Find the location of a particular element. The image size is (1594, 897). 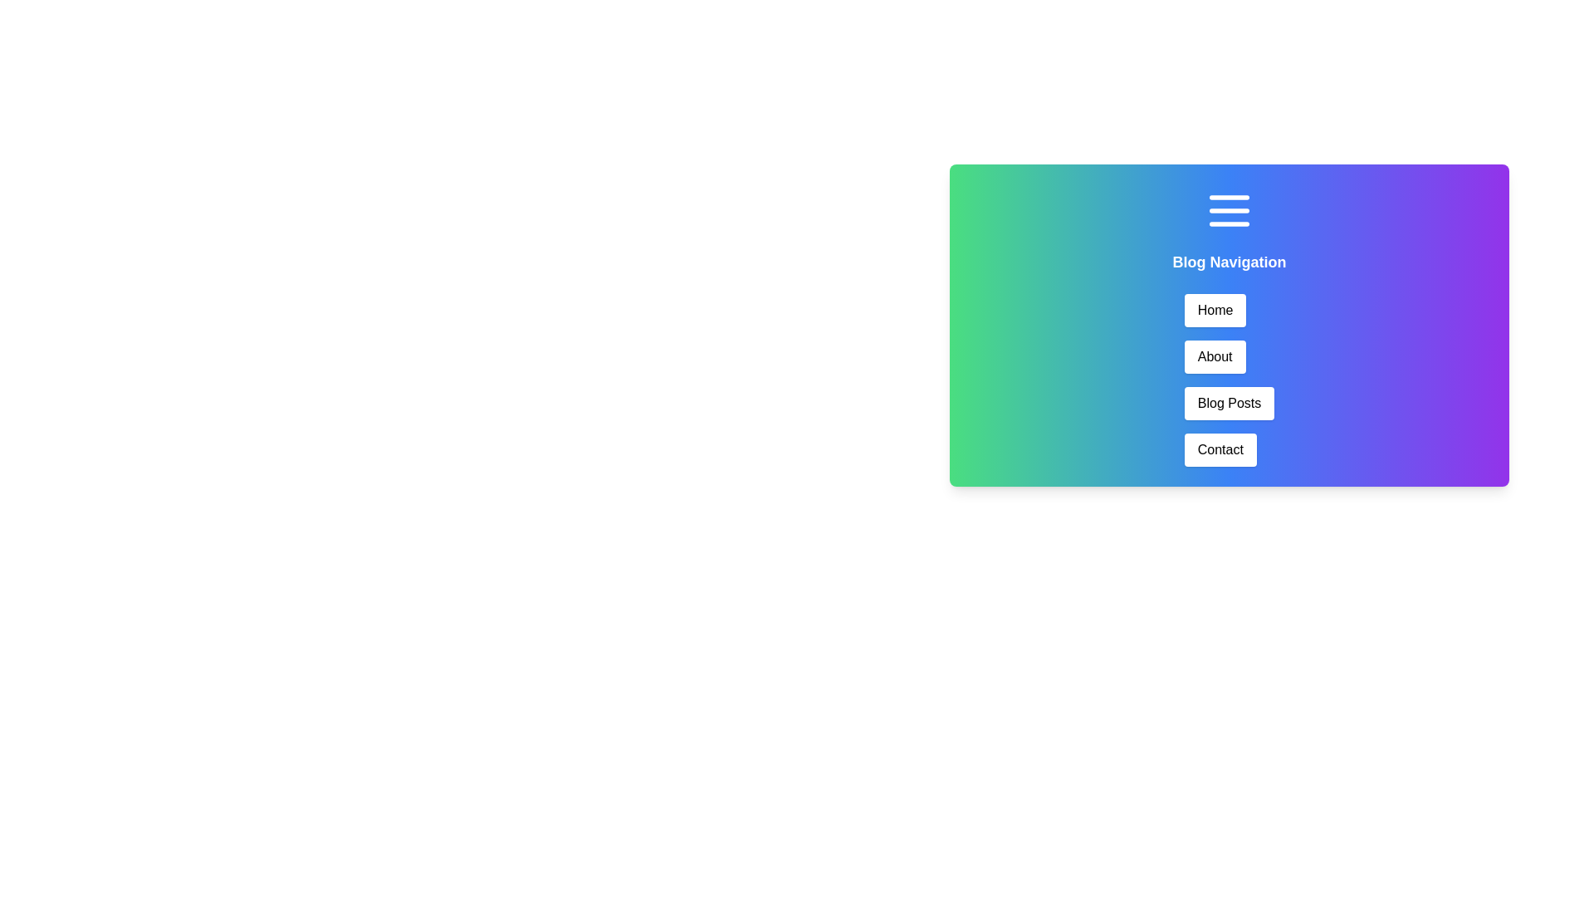

'About' button to navigate to the about page is located at coordinates (1215, 355).